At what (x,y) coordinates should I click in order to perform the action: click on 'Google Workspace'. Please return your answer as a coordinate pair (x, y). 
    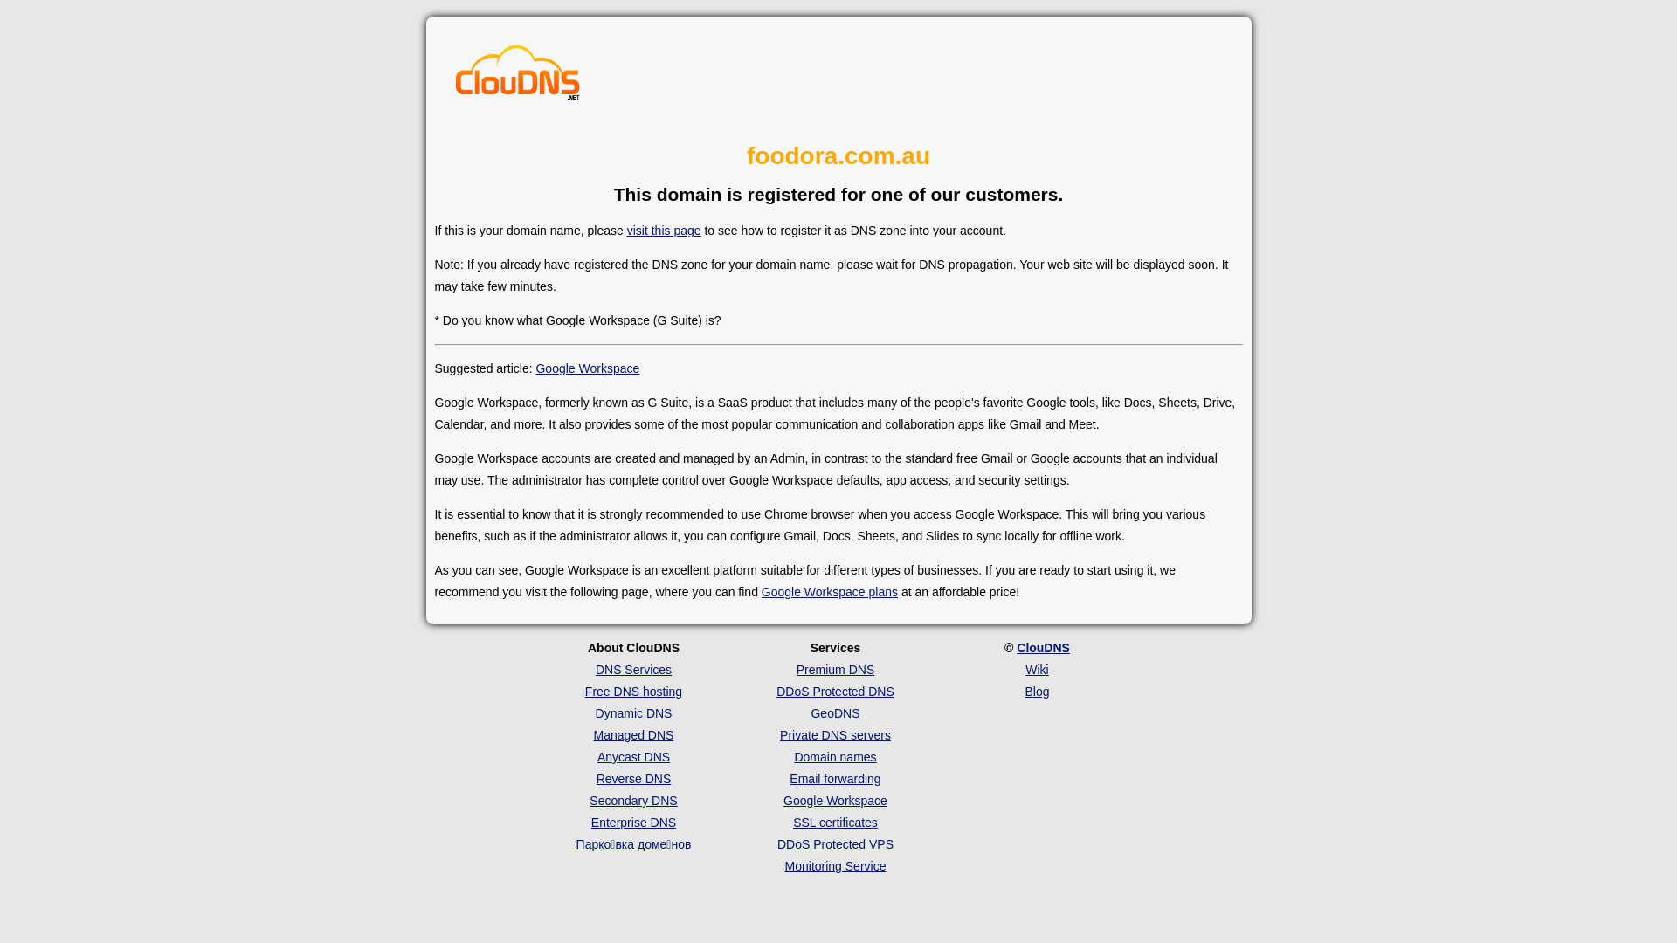
    Looking at the image, I should click on (834, 801).